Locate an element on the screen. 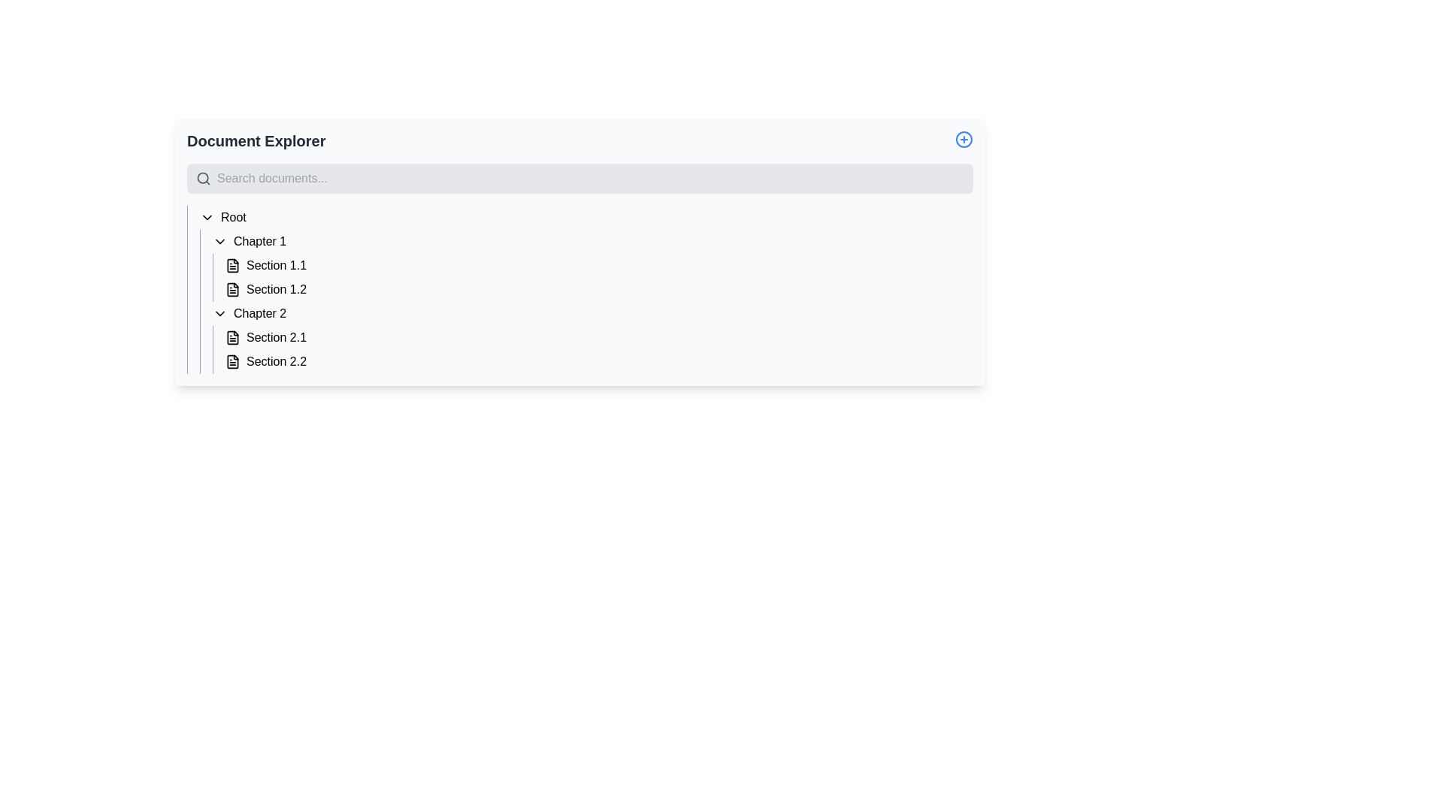  the 'Section 1.1' text label located under 'Chapter 1' in the Document Explorer interface is located at coordinates (277, 265).